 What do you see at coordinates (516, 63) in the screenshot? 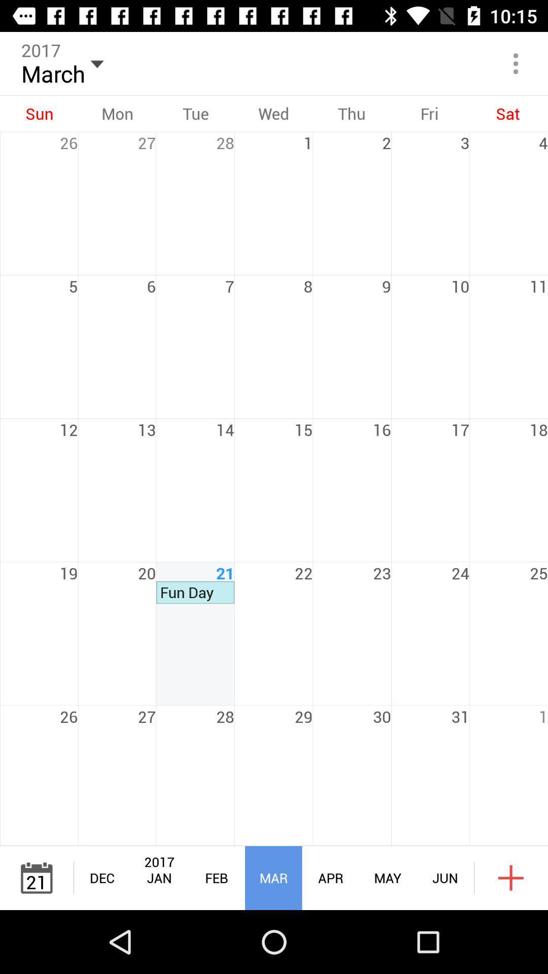
I see `the more icon` at bounding box center [516, 63].